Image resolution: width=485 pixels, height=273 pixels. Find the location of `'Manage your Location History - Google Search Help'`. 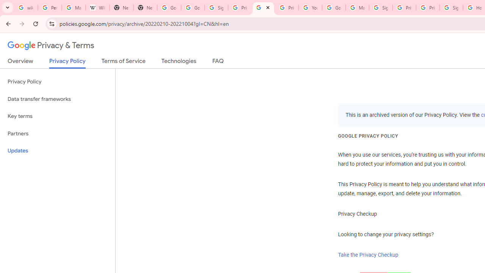

'Manage your Location History - Google Search Help' is located at coordinates (74, 8).